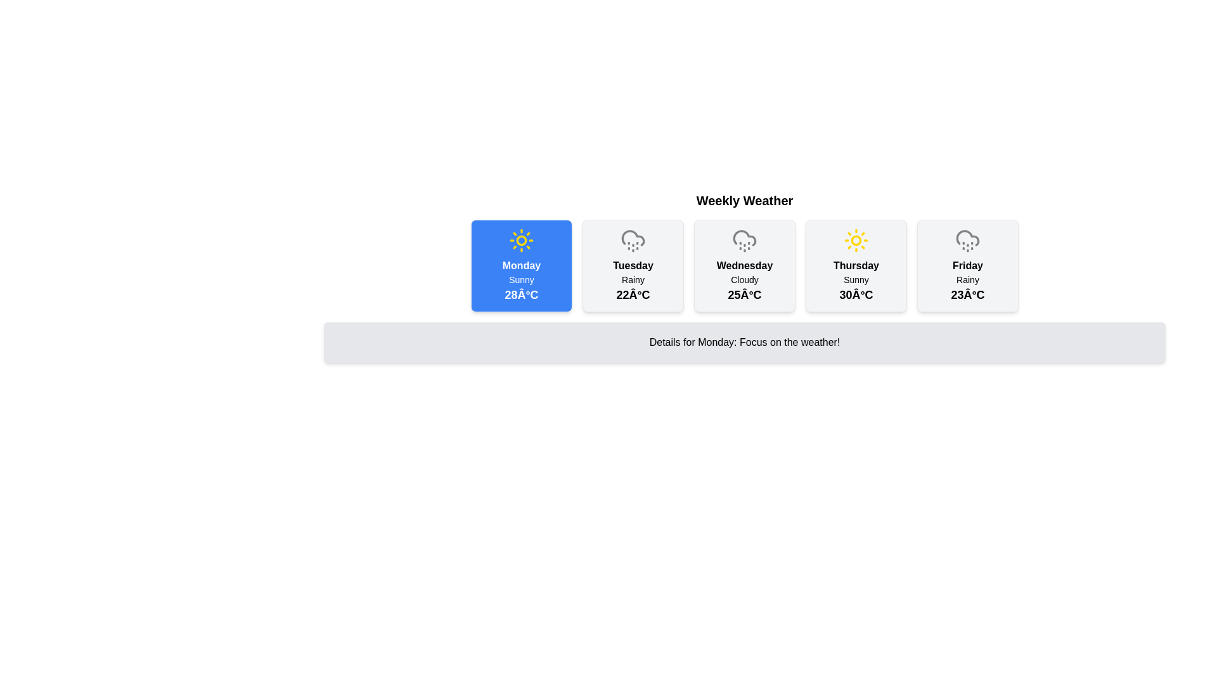 The width and height of the screenshot is (1217, 684). I want to click on text label displaying 'Tuesday' located at the top of the Tuesday weather information card, which is the second card in a horizontal row of five cards, so click(633, 265).